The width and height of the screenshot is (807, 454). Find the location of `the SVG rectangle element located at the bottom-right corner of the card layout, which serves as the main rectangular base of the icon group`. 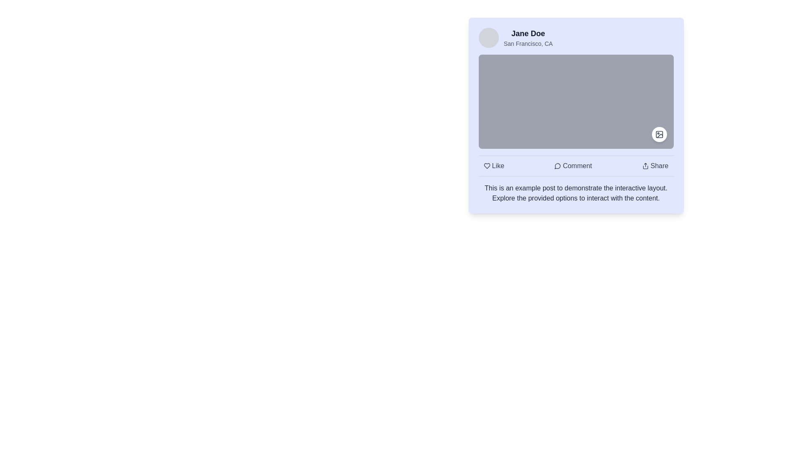

the SVG rectangle element located at the bottom-right corner of the card layout, which serves as the main rectangular base of the icon group is located at coordinates (659, 134).